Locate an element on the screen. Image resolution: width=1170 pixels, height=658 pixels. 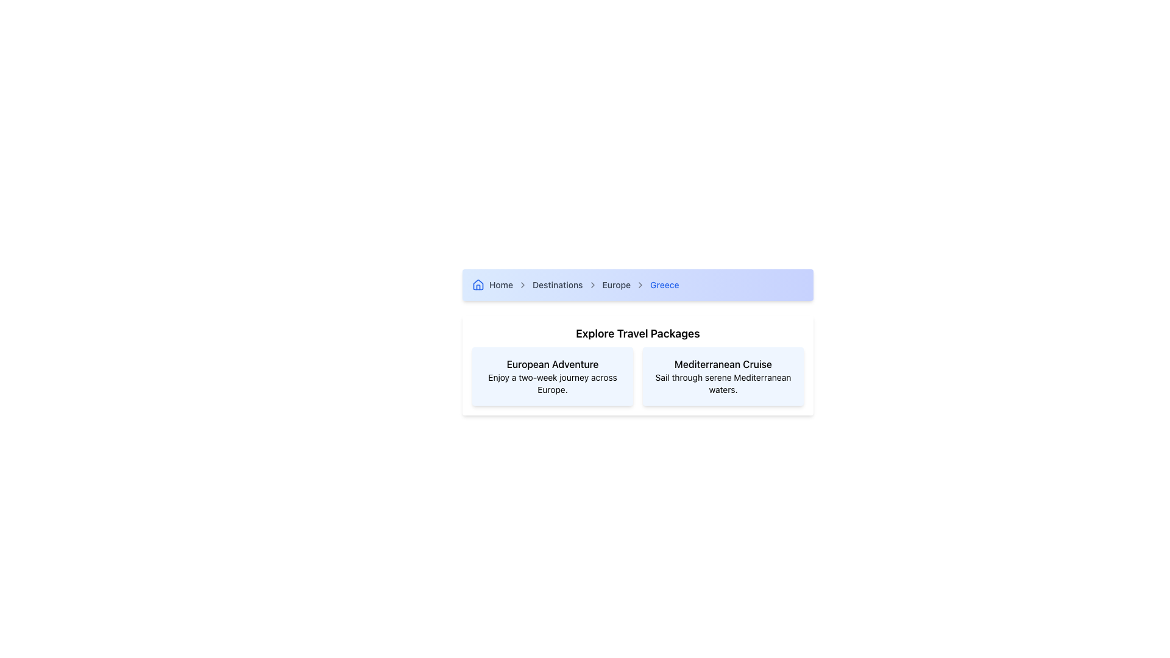
the 'Destinations' text label in the breadcrumb navigation to observe any visual effect is located at coordinates (557, 285).